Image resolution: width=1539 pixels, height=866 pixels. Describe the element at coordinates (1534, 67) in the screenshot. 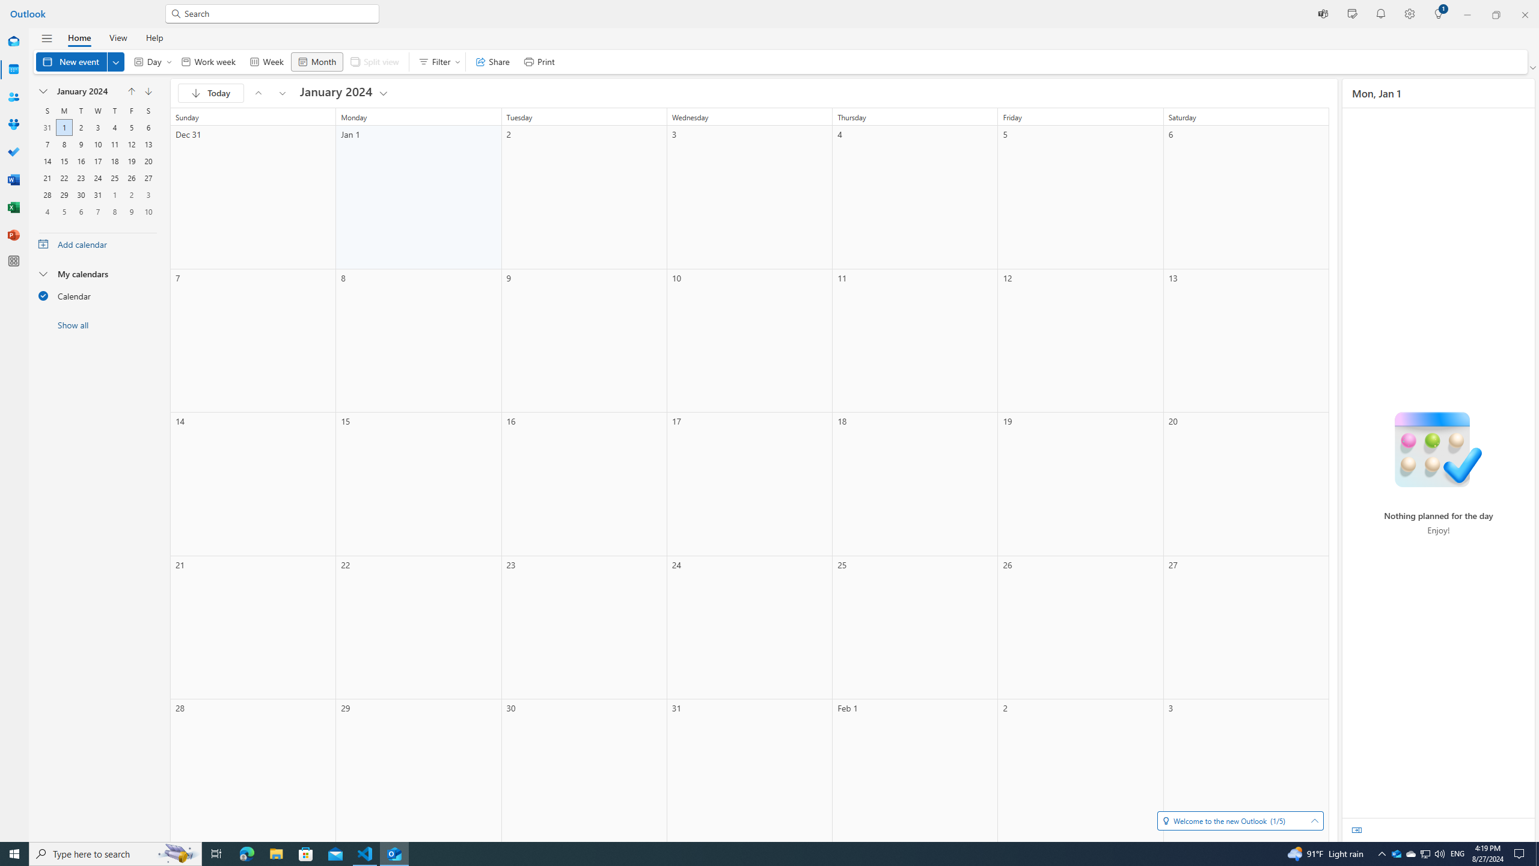

I see `'Ribbon display options'` at that location.